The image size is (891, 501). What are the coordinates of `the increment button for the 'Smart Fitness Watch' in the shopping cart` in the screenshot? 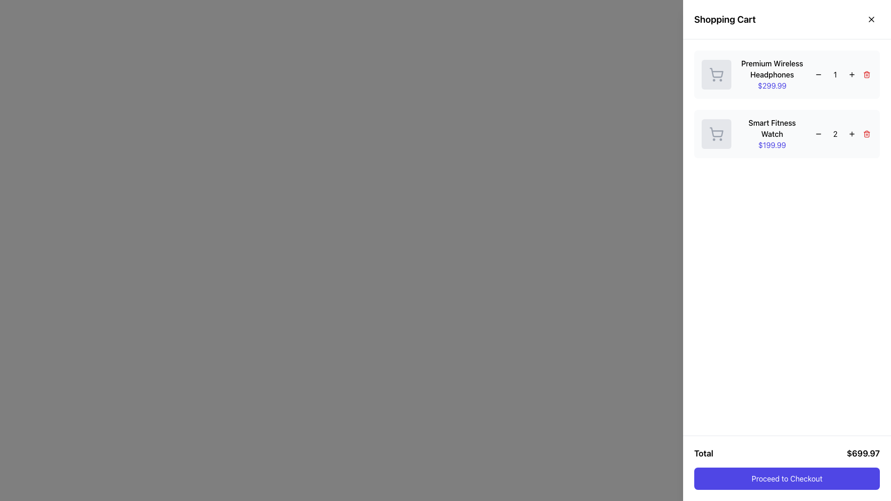 It's located at (852, 134).